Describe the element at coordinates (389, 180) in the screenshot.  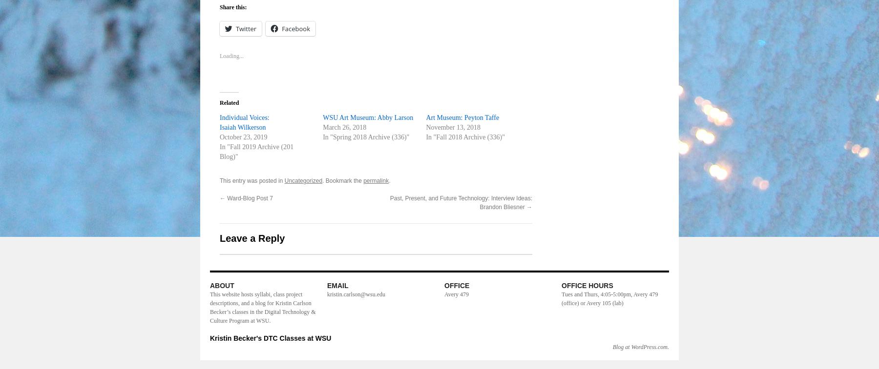
I see `'.'` at that location.